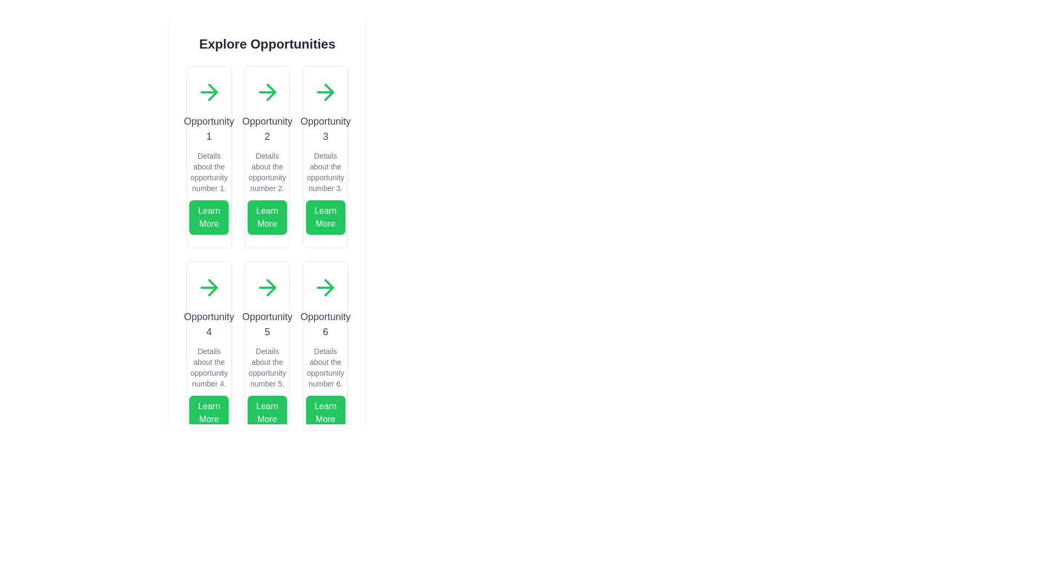 This screenshot has height=583, width=1038. I want to click on the forward arrow icon located at the top of the 'Opportunity 4' card, so click(209, 287).